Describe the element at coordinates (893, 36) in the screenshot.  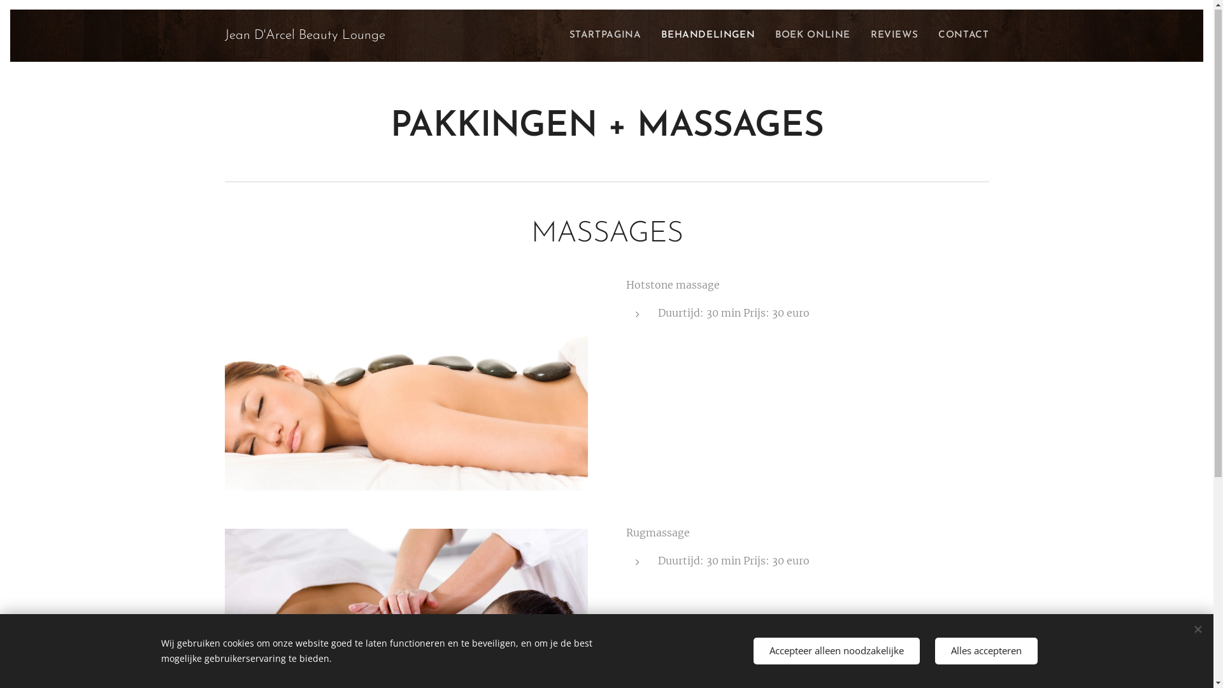
I see `'REVIEWS'` at that location.